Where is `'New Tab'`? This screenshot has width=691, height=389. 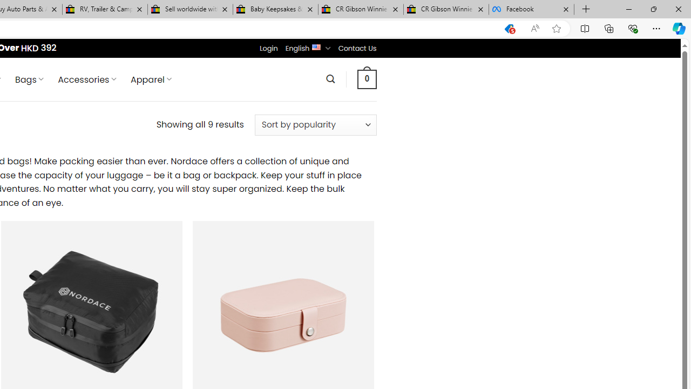 'New Tab' is located at coordinates (586, 9).